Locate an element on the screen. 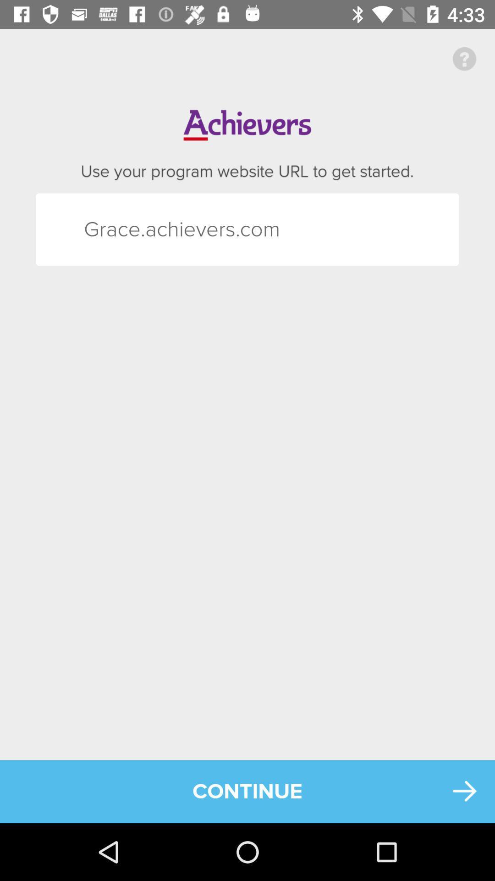 This screenshot has width=495, height=881. the item below use your program is located at coordinates (100, 229).